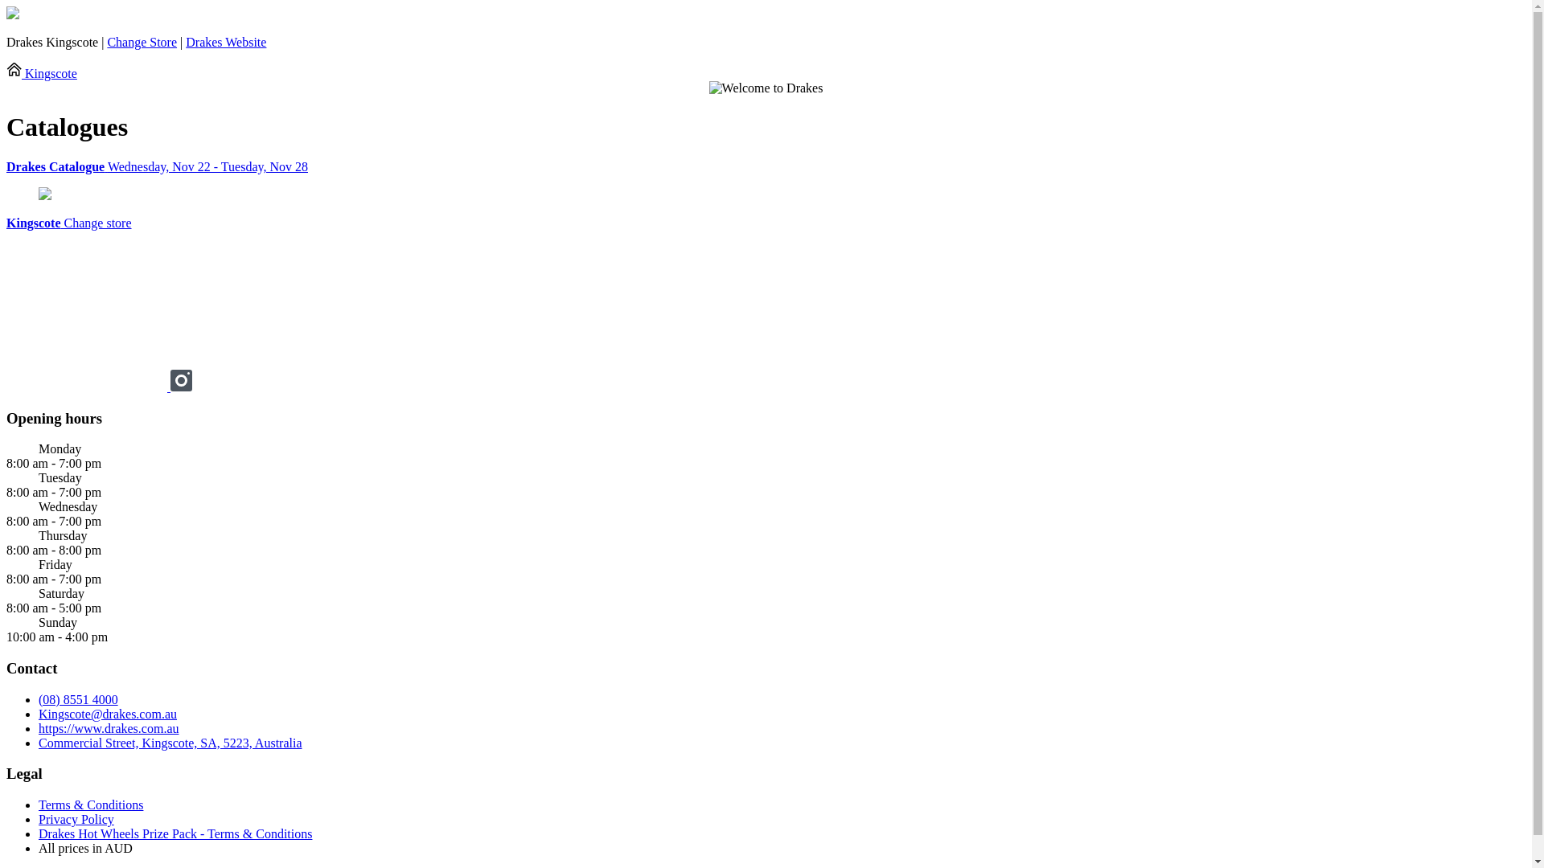 The width and height of the screenshot is (1544, 868). I want to click on 'Commercial Street, Kingscote, SA, 5223, Australia', so click(170, 743).